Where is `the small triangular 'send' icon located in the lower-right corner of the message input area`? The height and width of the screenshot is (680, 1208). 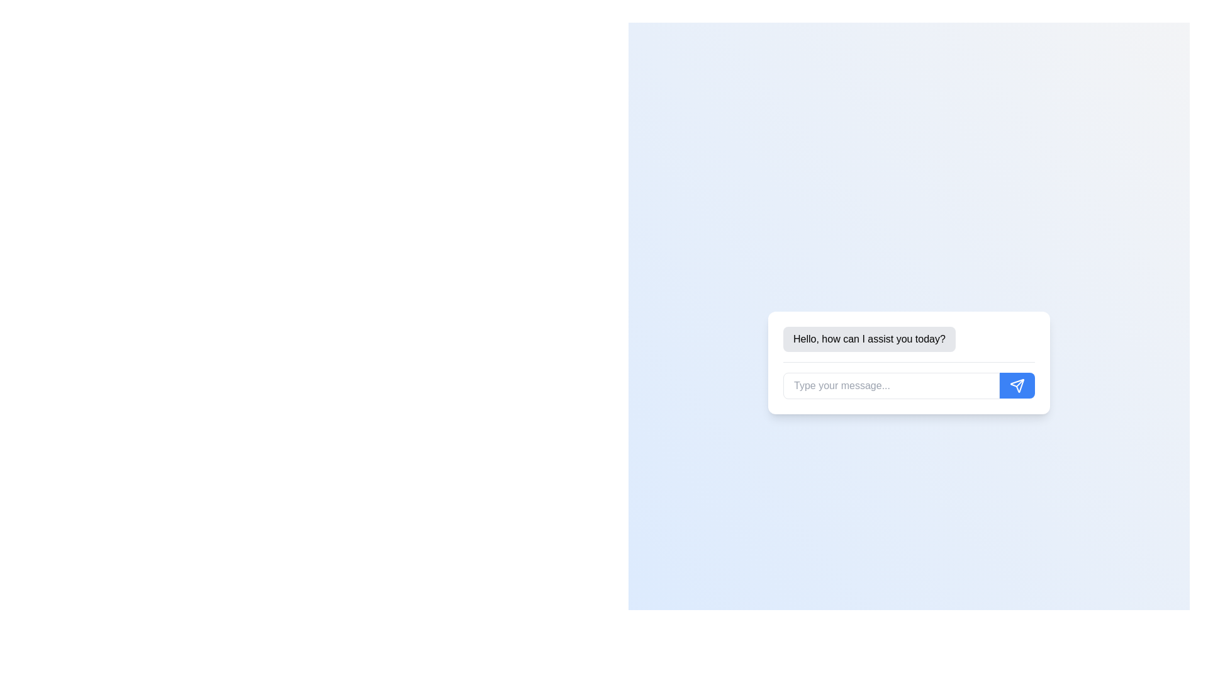 the small triangular 'send' icon located in the lower-right corner of the message input area is located at coordinates (1017, 385).